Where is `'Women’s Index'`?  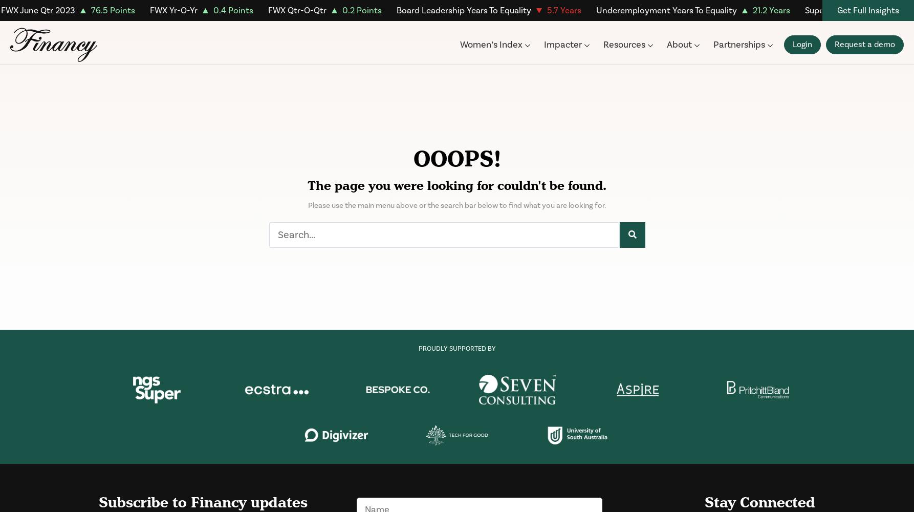 'Women’s Index' is located at coordinates (491, 44).